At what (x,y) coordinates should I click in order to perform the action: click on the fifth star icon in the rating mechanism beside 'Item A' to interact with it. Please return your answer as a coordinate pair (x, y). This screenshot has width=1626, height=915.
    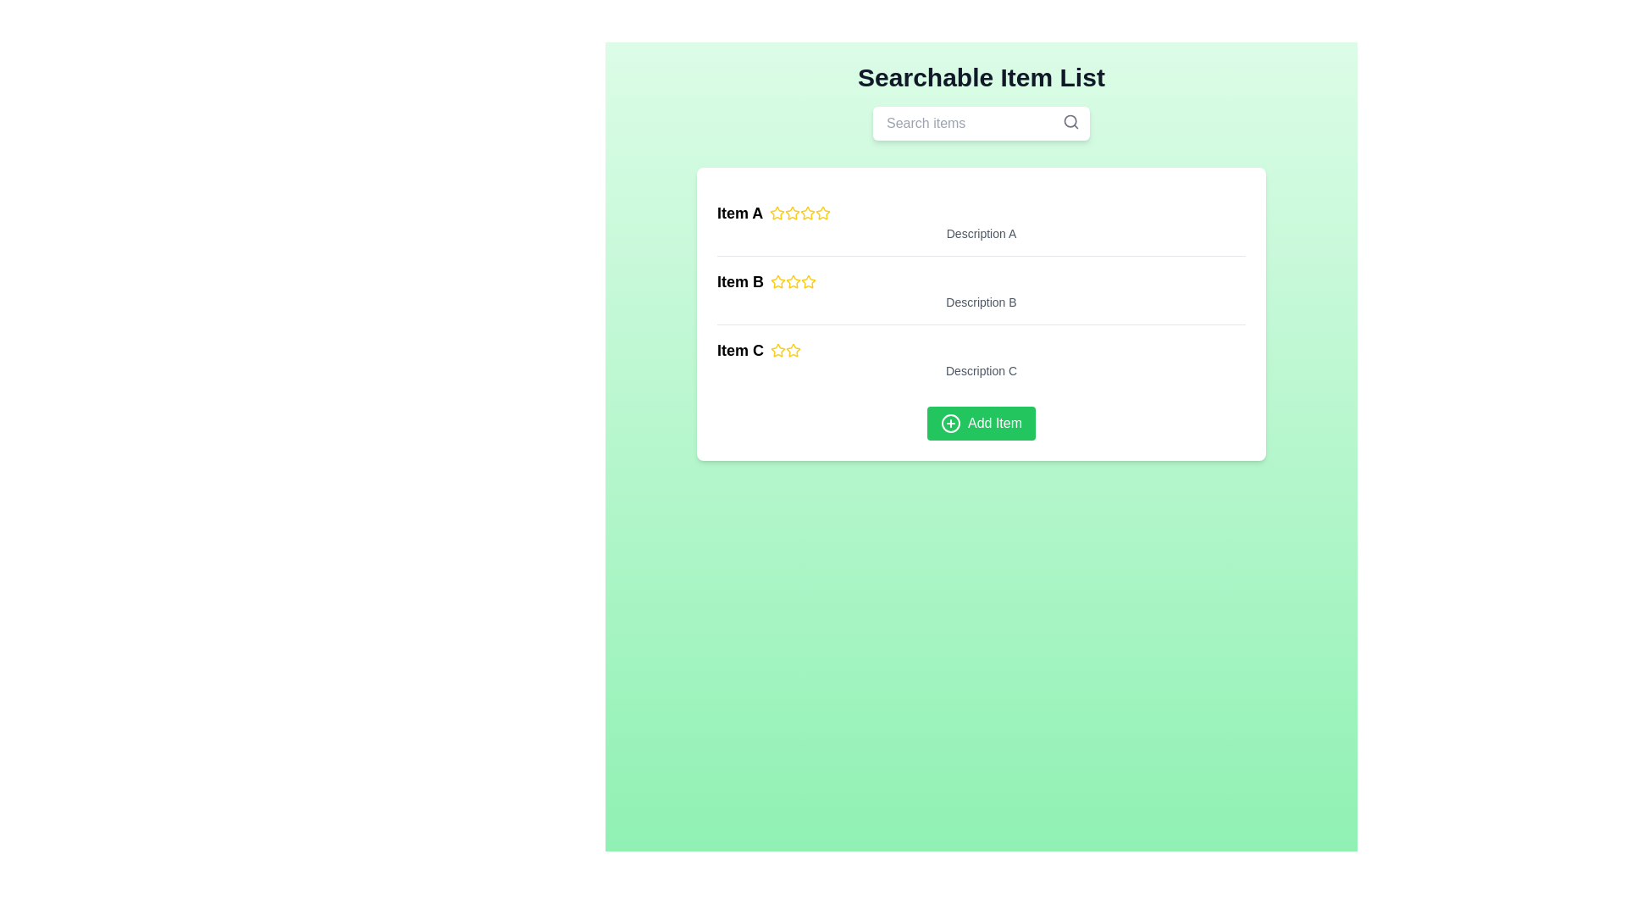
    Looking at the image, I should click on (823, 212).